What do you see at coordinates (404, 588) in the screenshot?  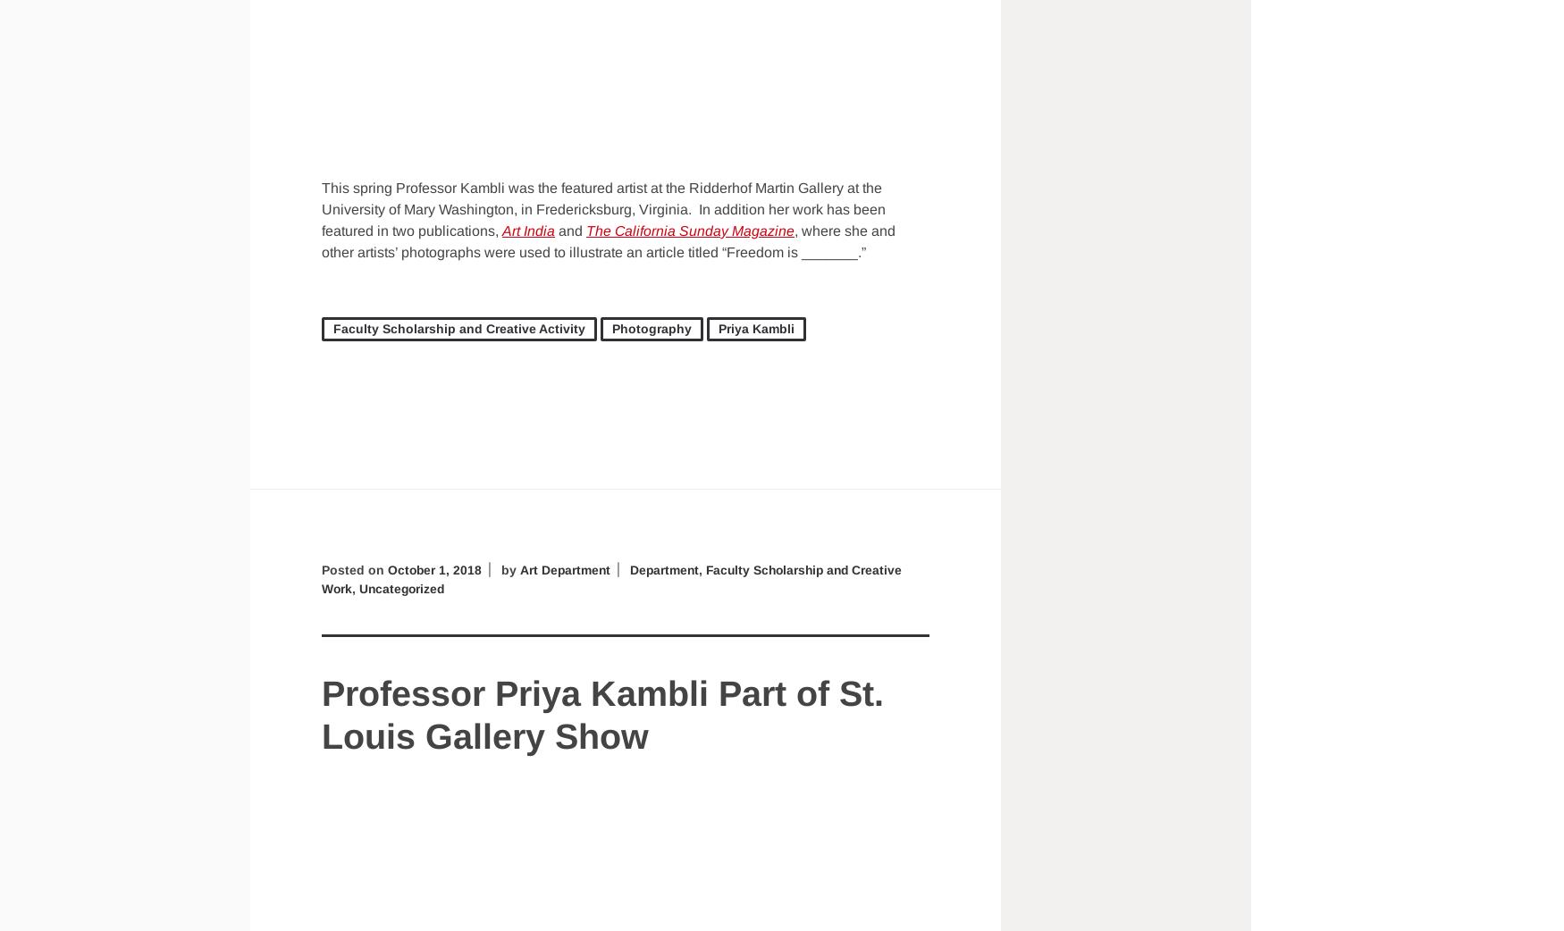 I see `'Uncategorized'` at bounding box center [404, 588].